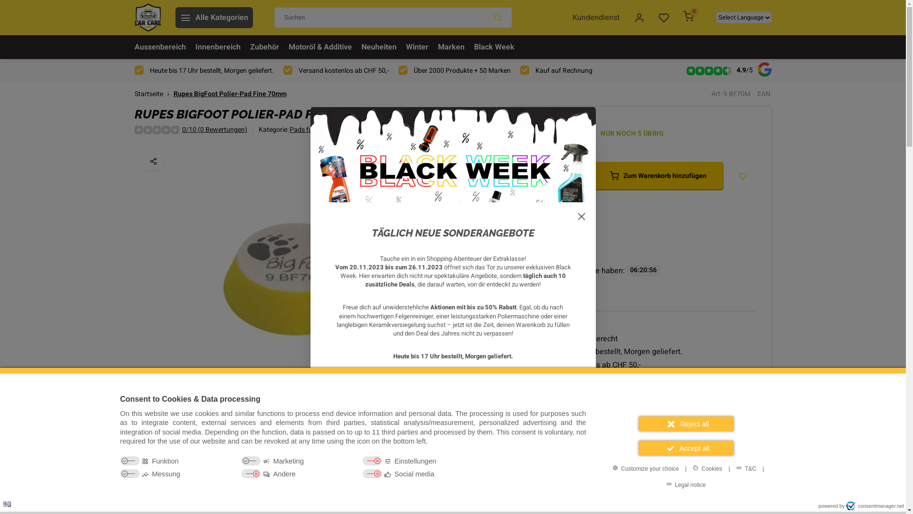 The height and width of the screenshot is (514, 913). What do you see at coordinates (417, 47) in the screenshot?
I see `'Winter'` at bounding box center [417, 47].